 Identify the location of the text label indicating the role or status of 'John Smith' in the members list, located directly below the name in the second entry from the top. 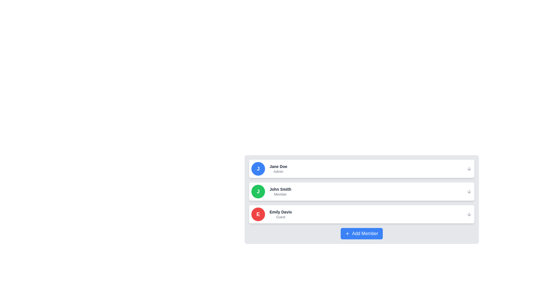
(280, 194).